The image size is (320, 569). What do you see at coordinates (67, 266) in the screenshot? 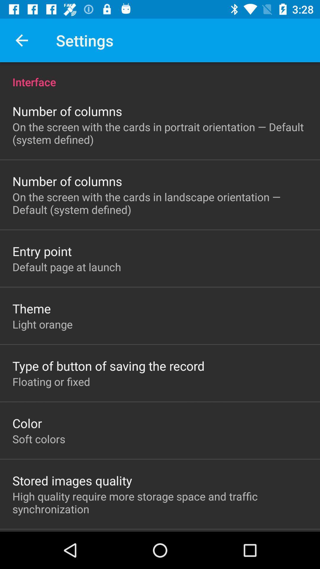
I see `the icon below entry point item` at bounding box center [67, 266].